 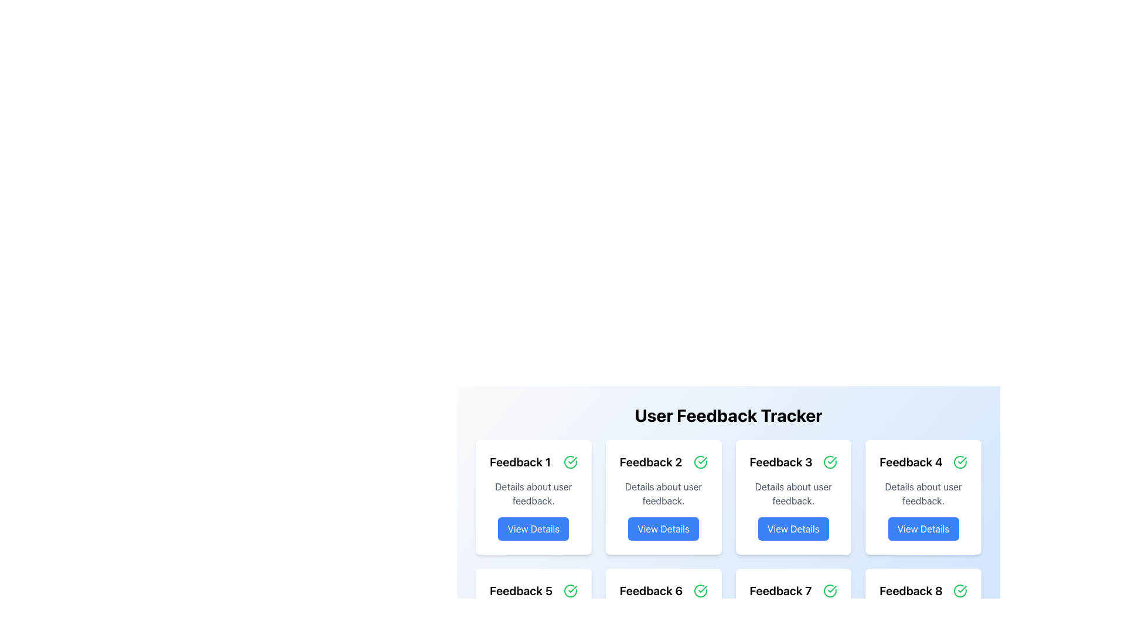 I want to click on the blue button labeled 'View Details' located below the text 'Details about user feedback' in the 'Feedback 3' card, so click(x=793, y=528).